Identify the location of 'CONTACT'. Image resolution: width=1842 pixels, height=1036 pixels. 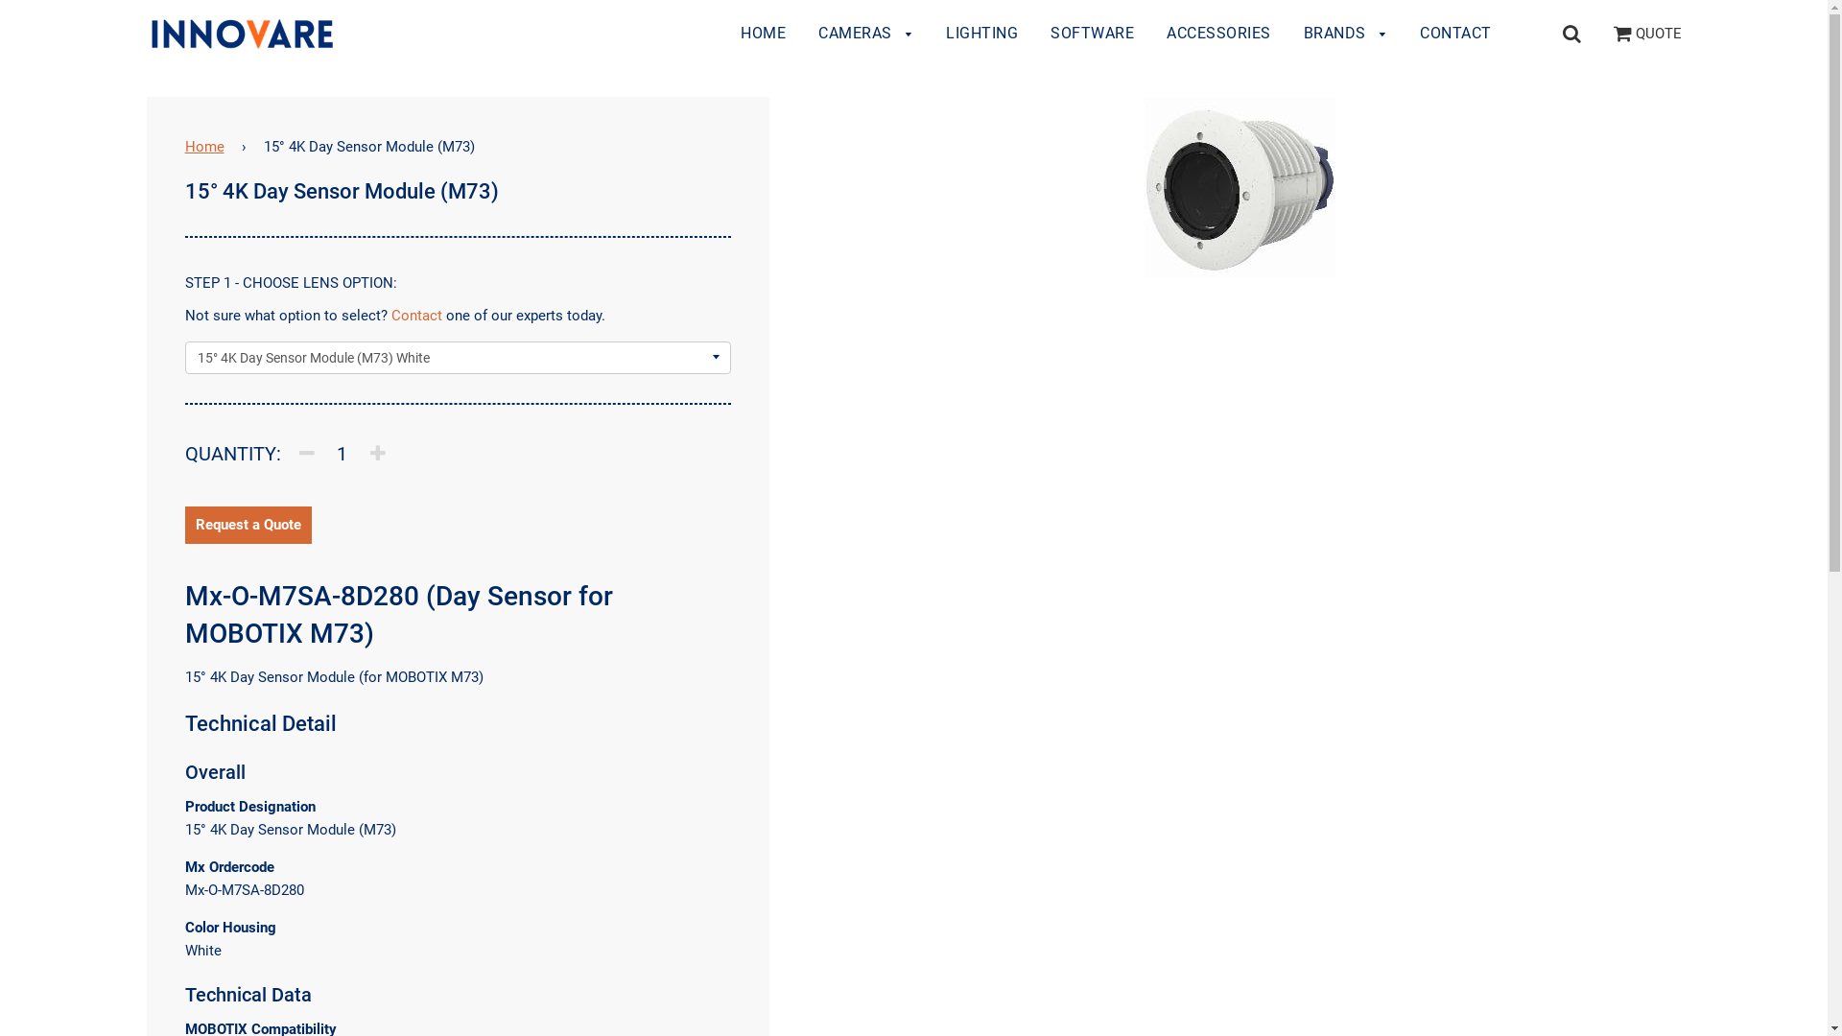
(1405, 33).